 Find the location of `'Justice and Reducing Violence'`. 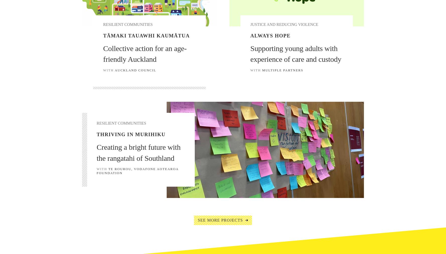

'Justice and Reducing Violence' is located at coordinates (284, 24).